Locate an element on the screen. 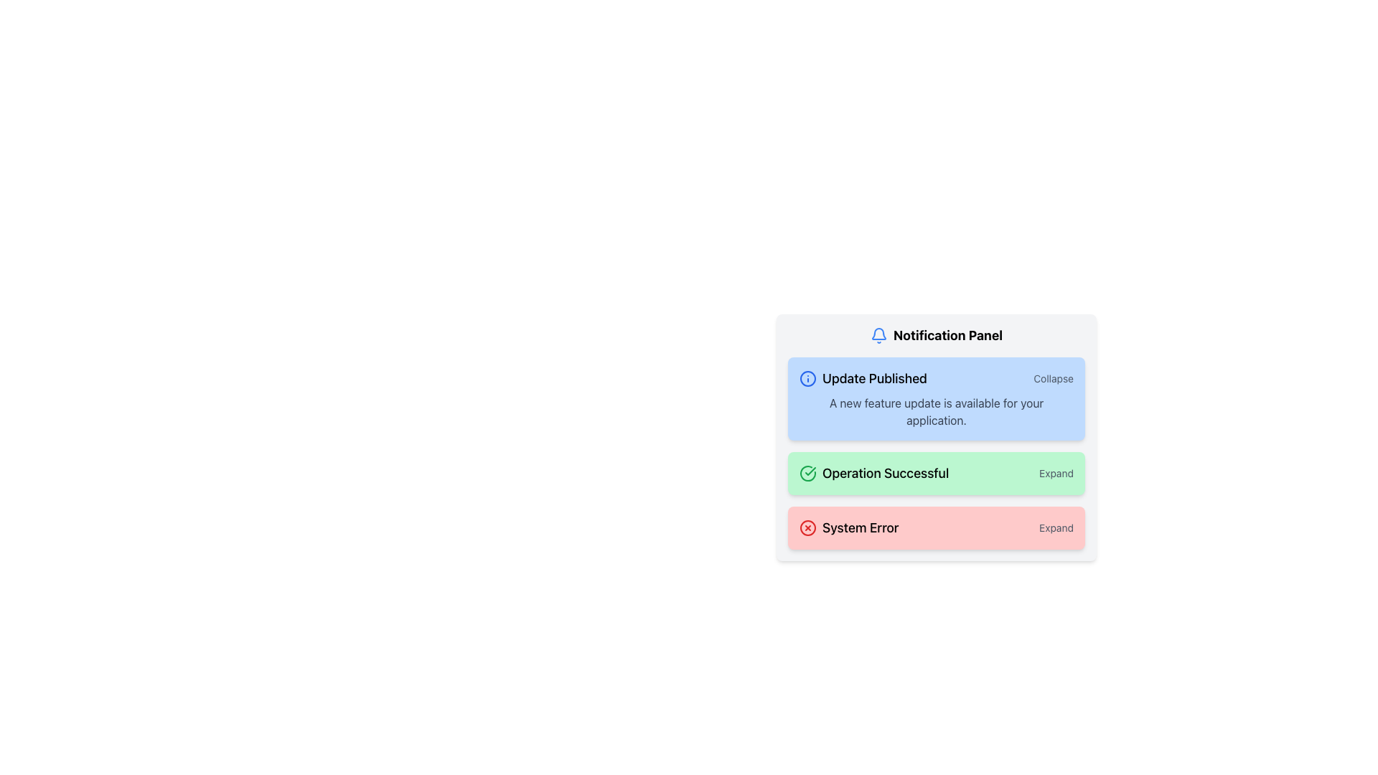 The width and height of the screenshot is (1378, 775). the 'Update Published' text label with accompanying icon, which features a blue background and is positioned at the top of the notification section is located at coordinates (862, 378).